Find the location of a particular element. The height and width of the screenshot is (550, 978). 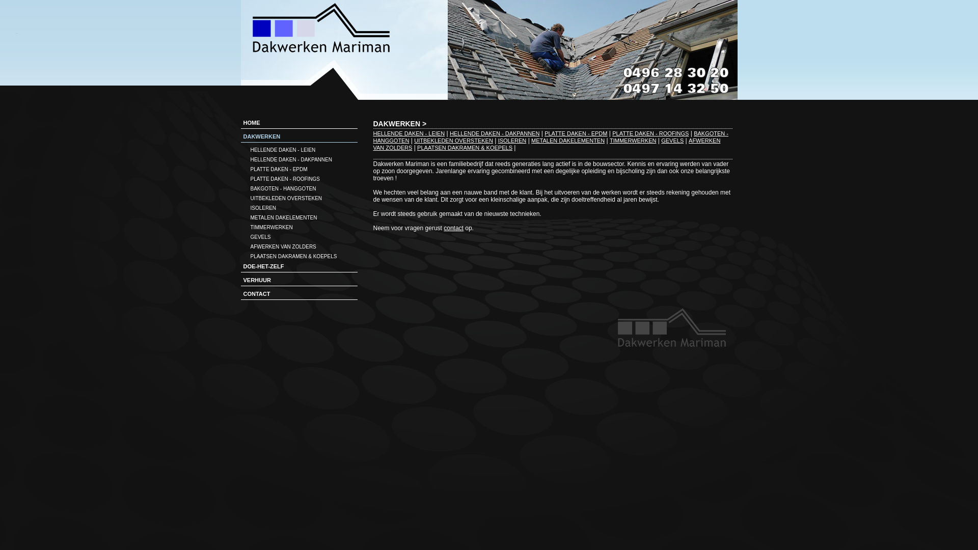

'HOME' is located at coordinates (239, 123).